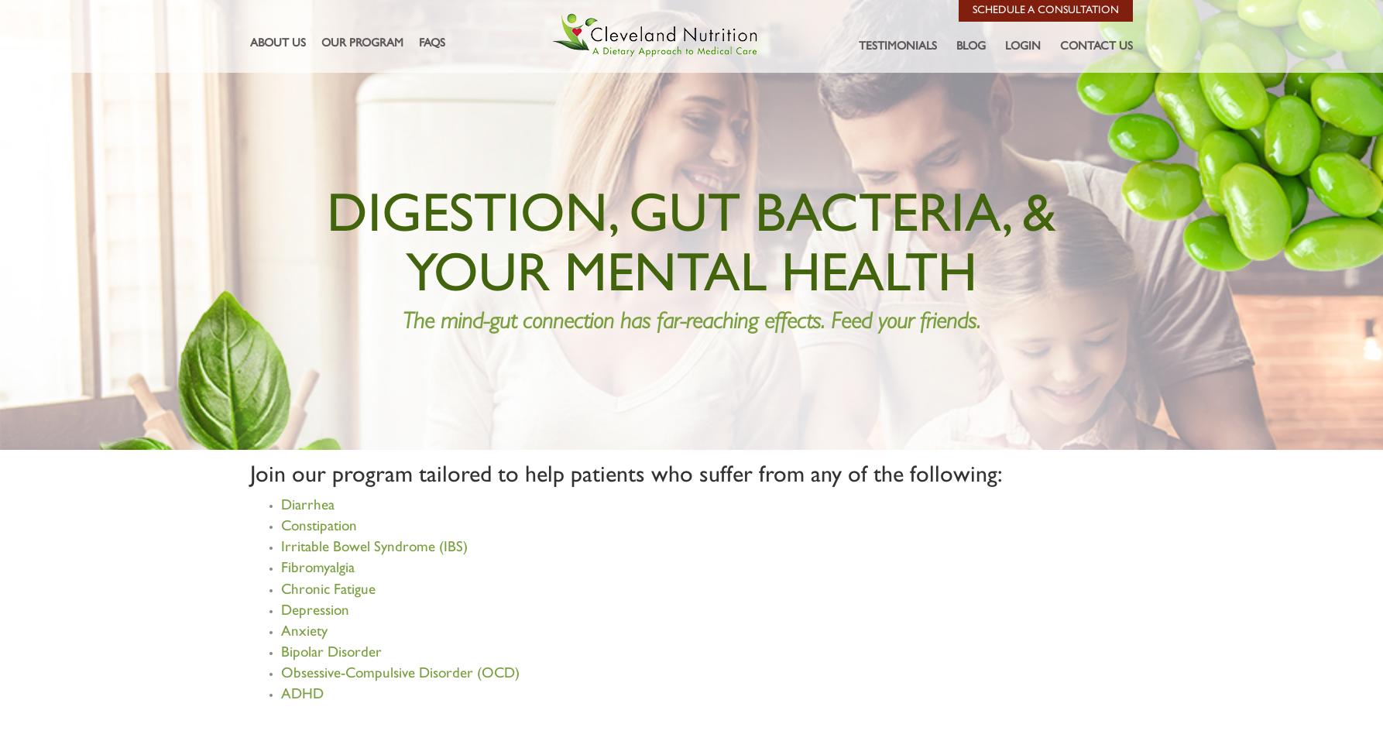  What do you see at coordinates (691, 320) in the screenshot?
I see `'The mind-gut connection has far-reaching effects. Feed your friends.'` at bounding box center [691, 320].